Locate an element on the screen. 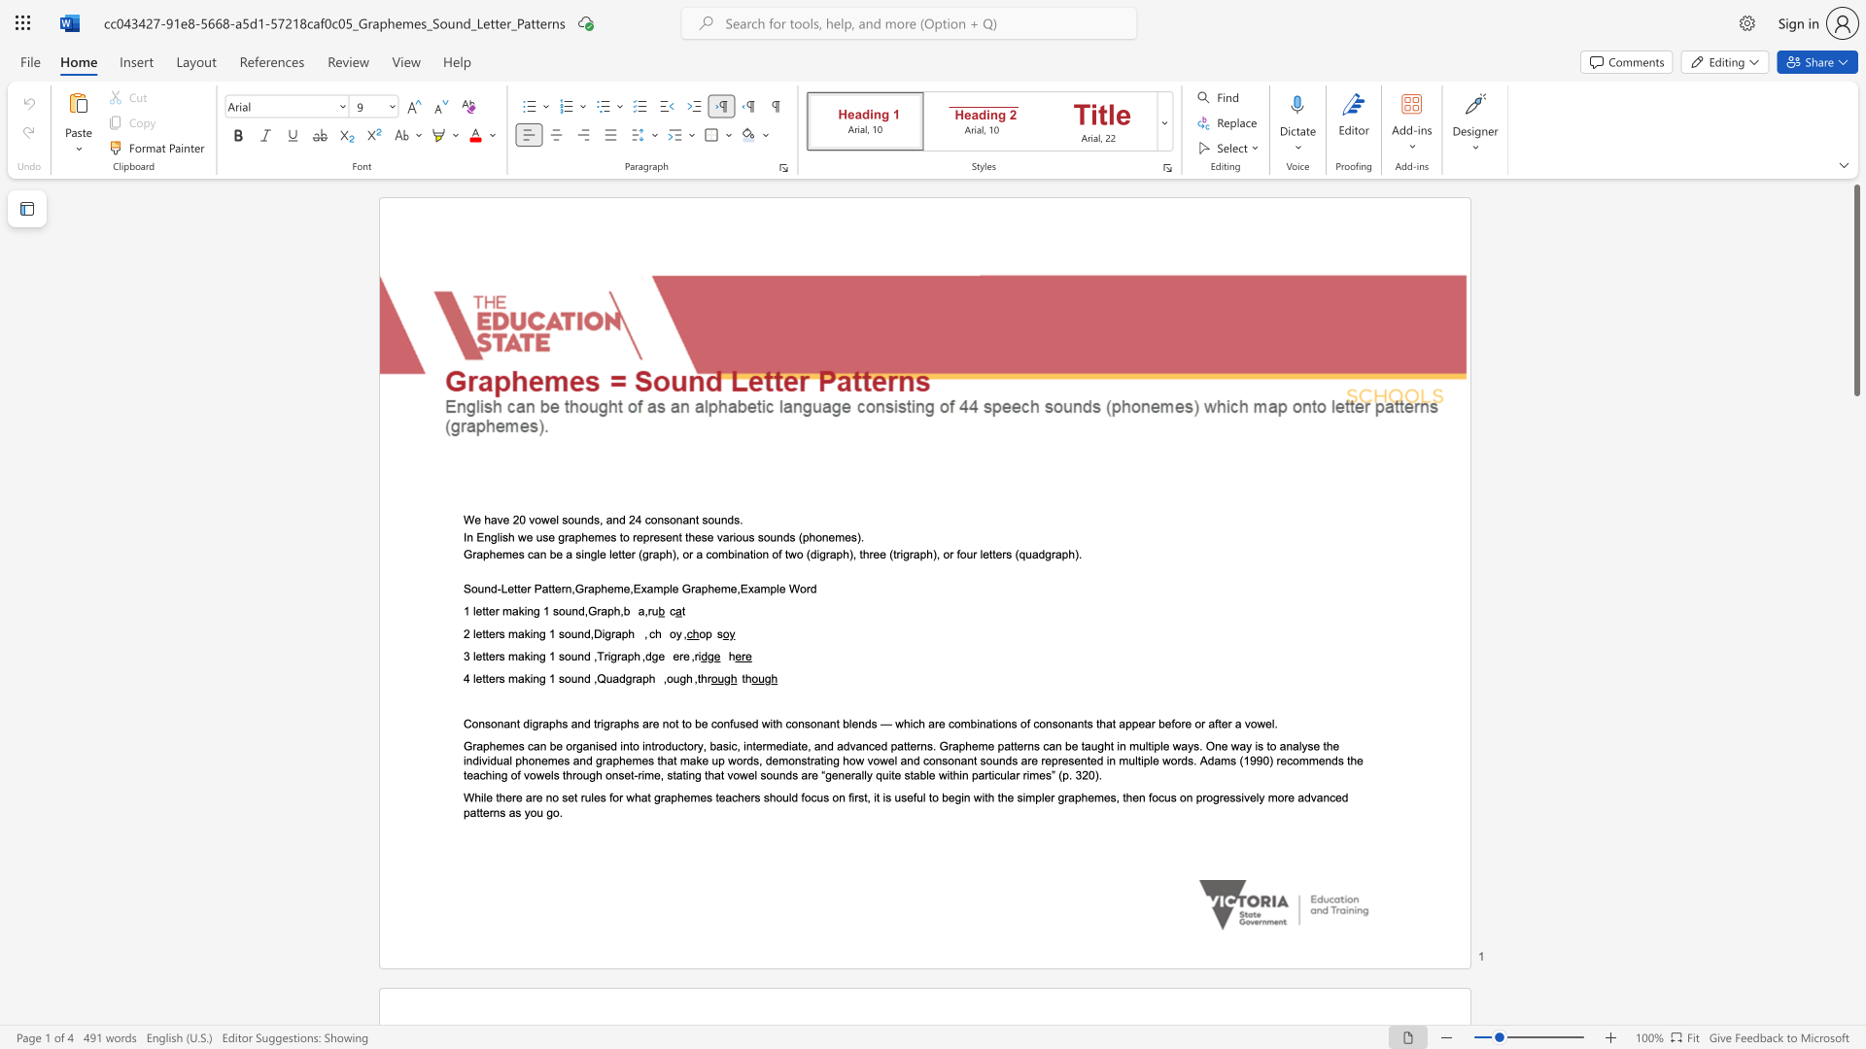 Image resolution: width=1866 pixels, height=1049 pixels. the scrollbar on the right to shift the page lower is located at coordinates (1855, 688).